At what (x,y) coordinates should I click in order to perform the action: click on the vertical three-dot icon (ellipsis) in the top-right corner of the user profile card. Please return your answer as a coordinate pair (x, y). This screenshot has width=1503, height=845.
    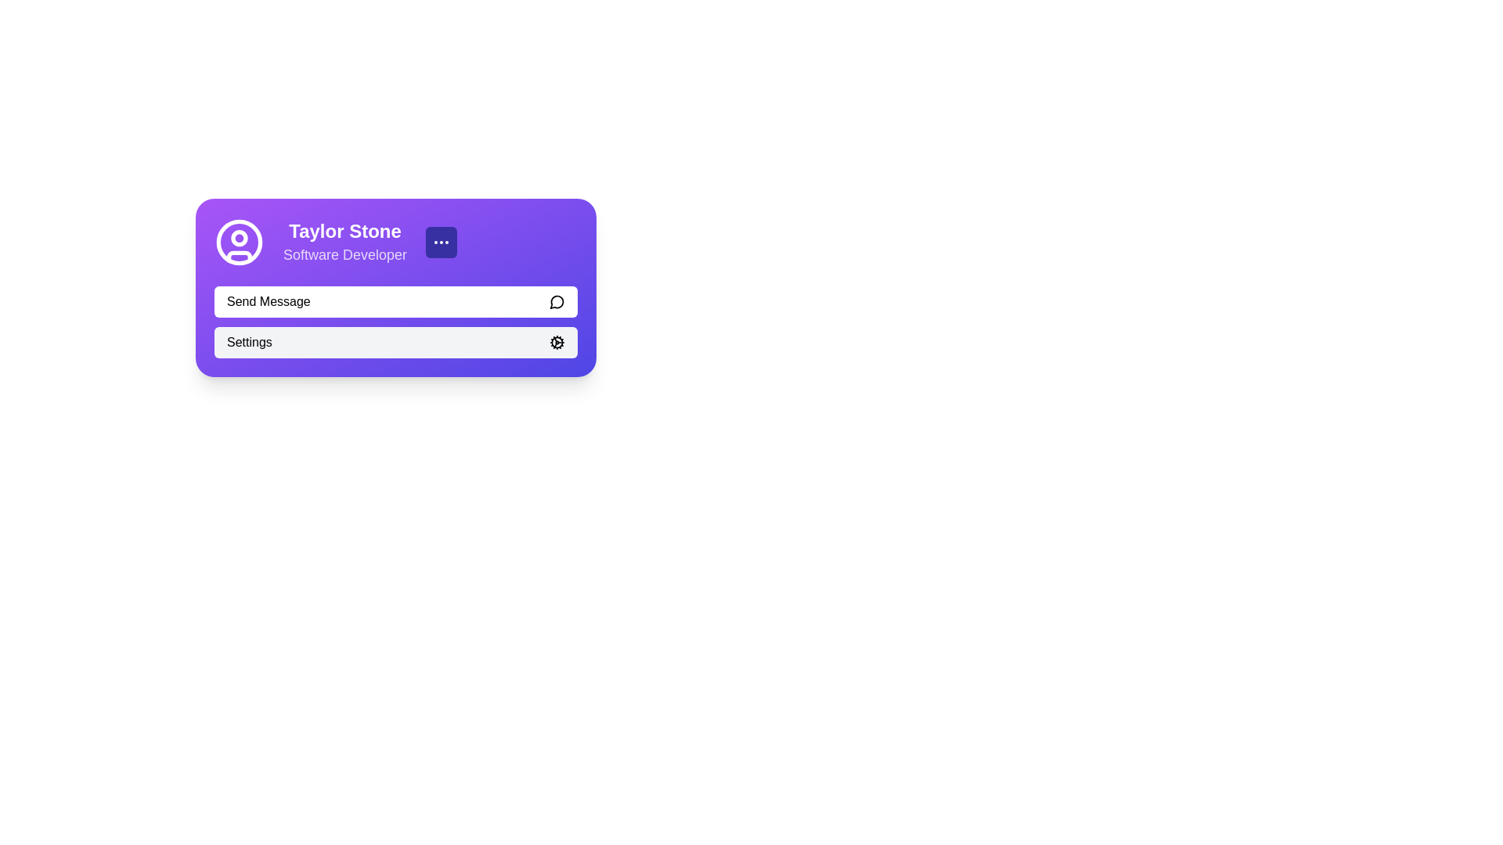
    Looking at the image, I should click on (441, 242).